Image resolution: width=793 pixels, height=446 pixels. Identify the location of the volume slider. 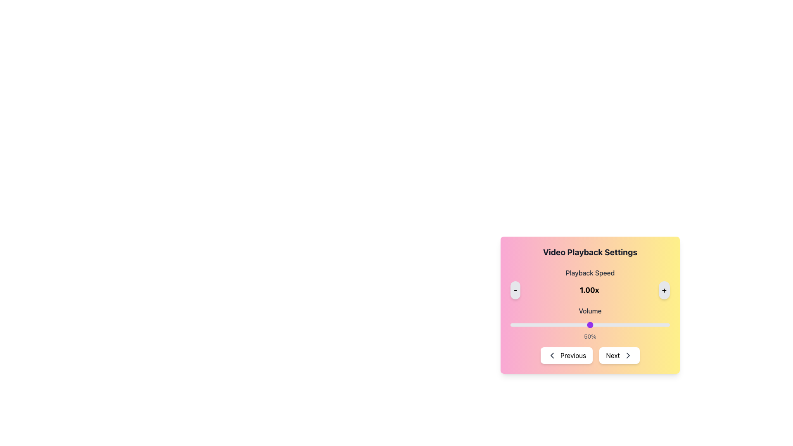
(613, 324).